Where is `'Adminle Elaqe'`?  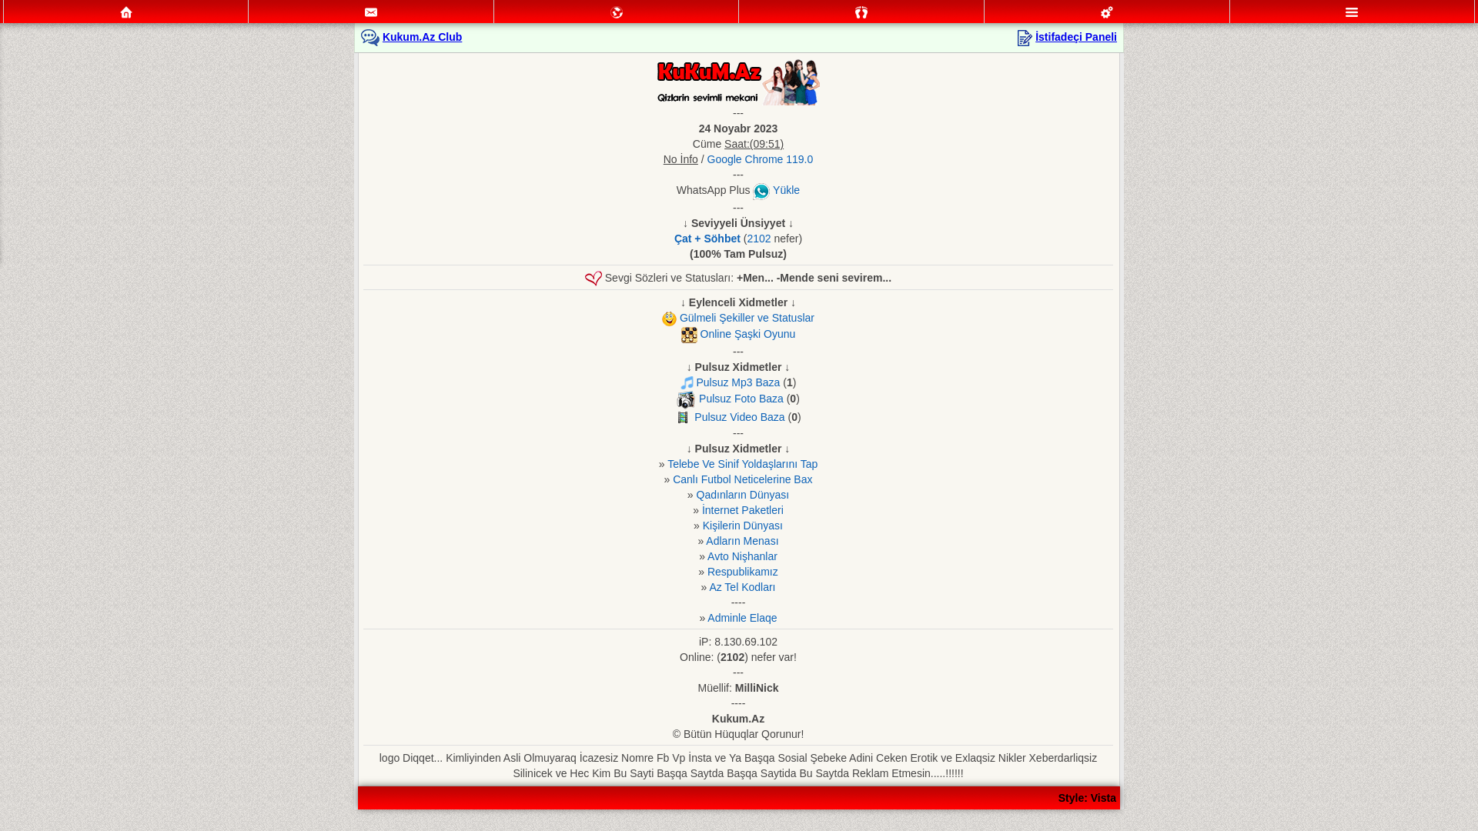 'Adminle Elaqe' is located at coordinates (742, 616).